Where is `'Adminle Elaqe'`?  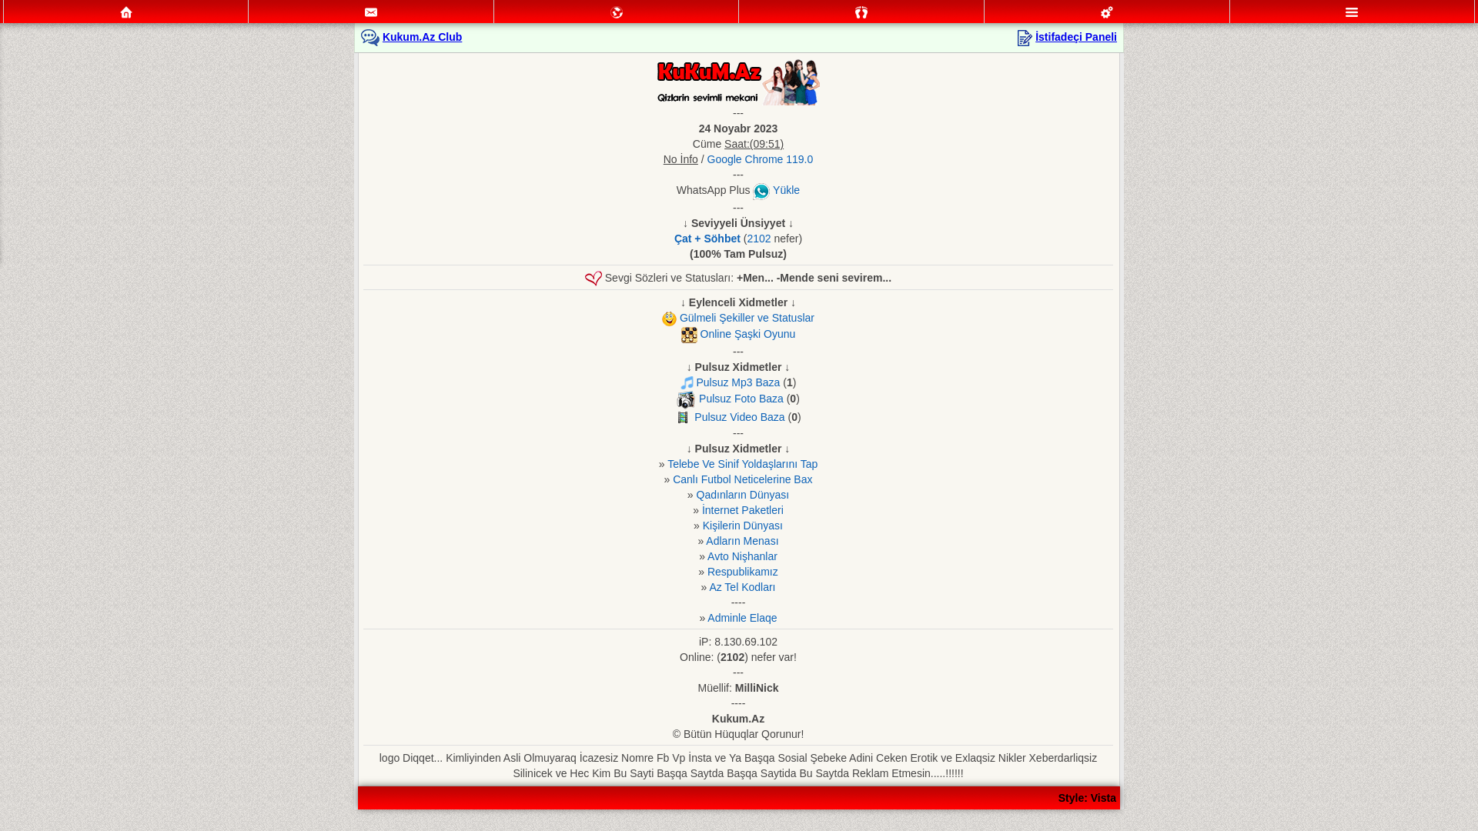 'Adminle Elaqe' is located at coordinates (742, 616).